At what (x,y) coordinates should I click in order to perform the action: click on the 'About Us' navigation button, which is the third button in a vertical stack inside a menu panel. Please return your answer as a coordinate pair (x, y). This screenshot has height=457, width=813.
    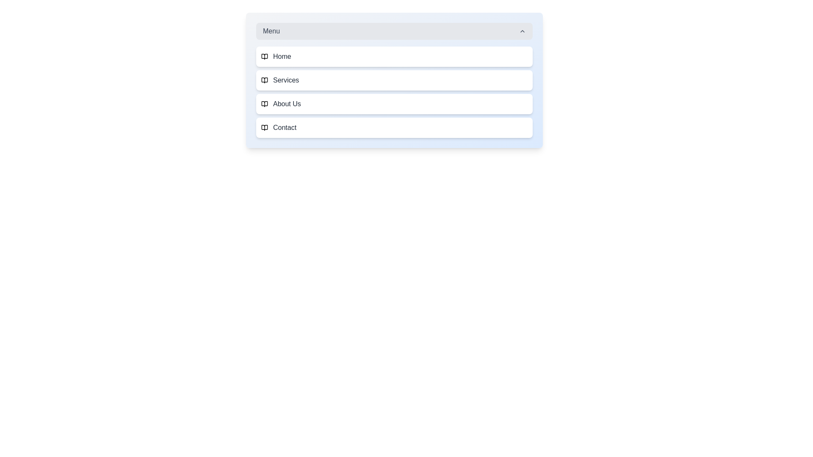
    Looking at the image, I should click on (394, 104).